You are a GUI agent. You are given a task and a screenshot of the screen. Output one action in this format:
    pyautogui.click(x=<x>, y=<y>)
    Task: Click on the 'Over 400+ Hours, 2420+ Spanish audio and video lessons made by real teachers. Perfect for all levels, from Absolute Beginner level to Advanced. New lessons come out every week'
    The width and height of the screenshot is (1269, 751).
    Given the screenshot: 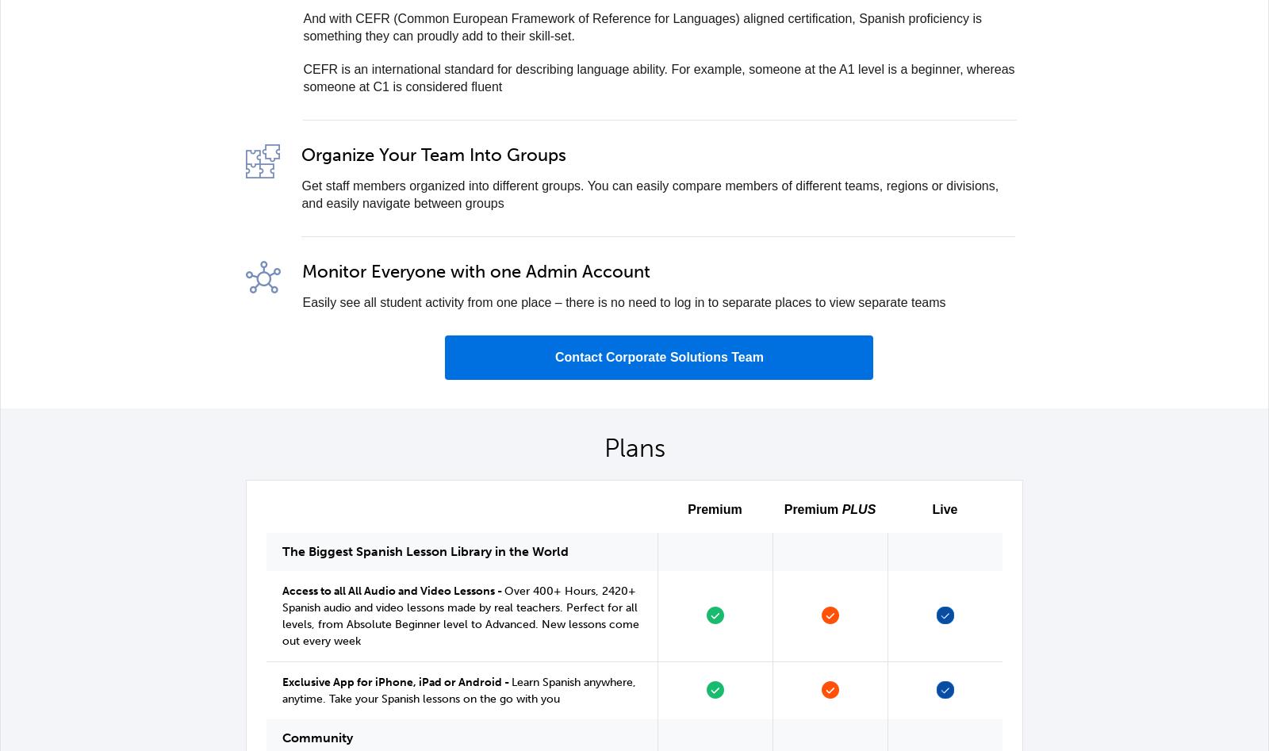 What is the action you would take?
    pyautogui.click(x=459, y=616)
    